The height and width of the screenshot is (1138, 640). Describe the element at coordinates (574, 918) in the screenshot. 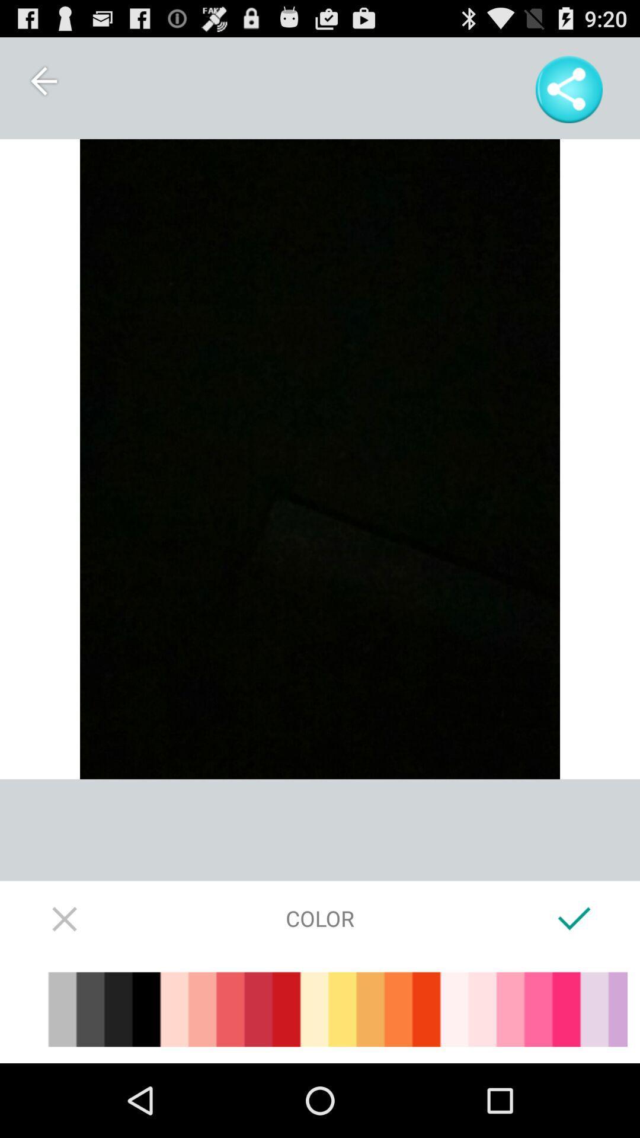

I see `accept color chosen` at that location.